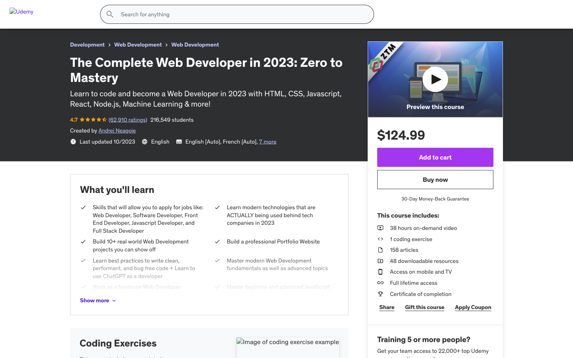 The width and height of the screenshot is (573, 358). What do you see at coordinates (331, 290) in the screenshot?
I see `enlarge the image to see the clothes in detail` at bounding box center [331, 290].